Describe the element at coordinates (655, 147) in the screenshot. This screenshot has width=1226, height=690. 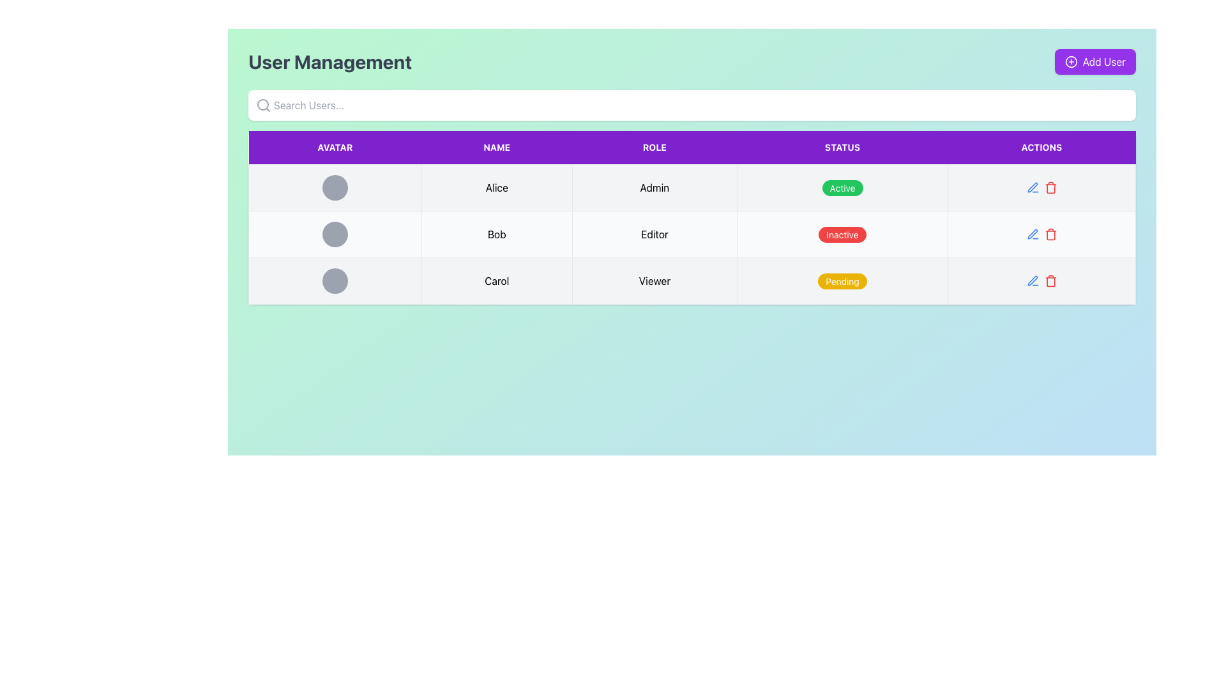
I see `the Table Header Cell for the 'ROLE' column, which is the third cell from the left in the header row, located between the 'NAME' and 'STATUS' cells` at that location.